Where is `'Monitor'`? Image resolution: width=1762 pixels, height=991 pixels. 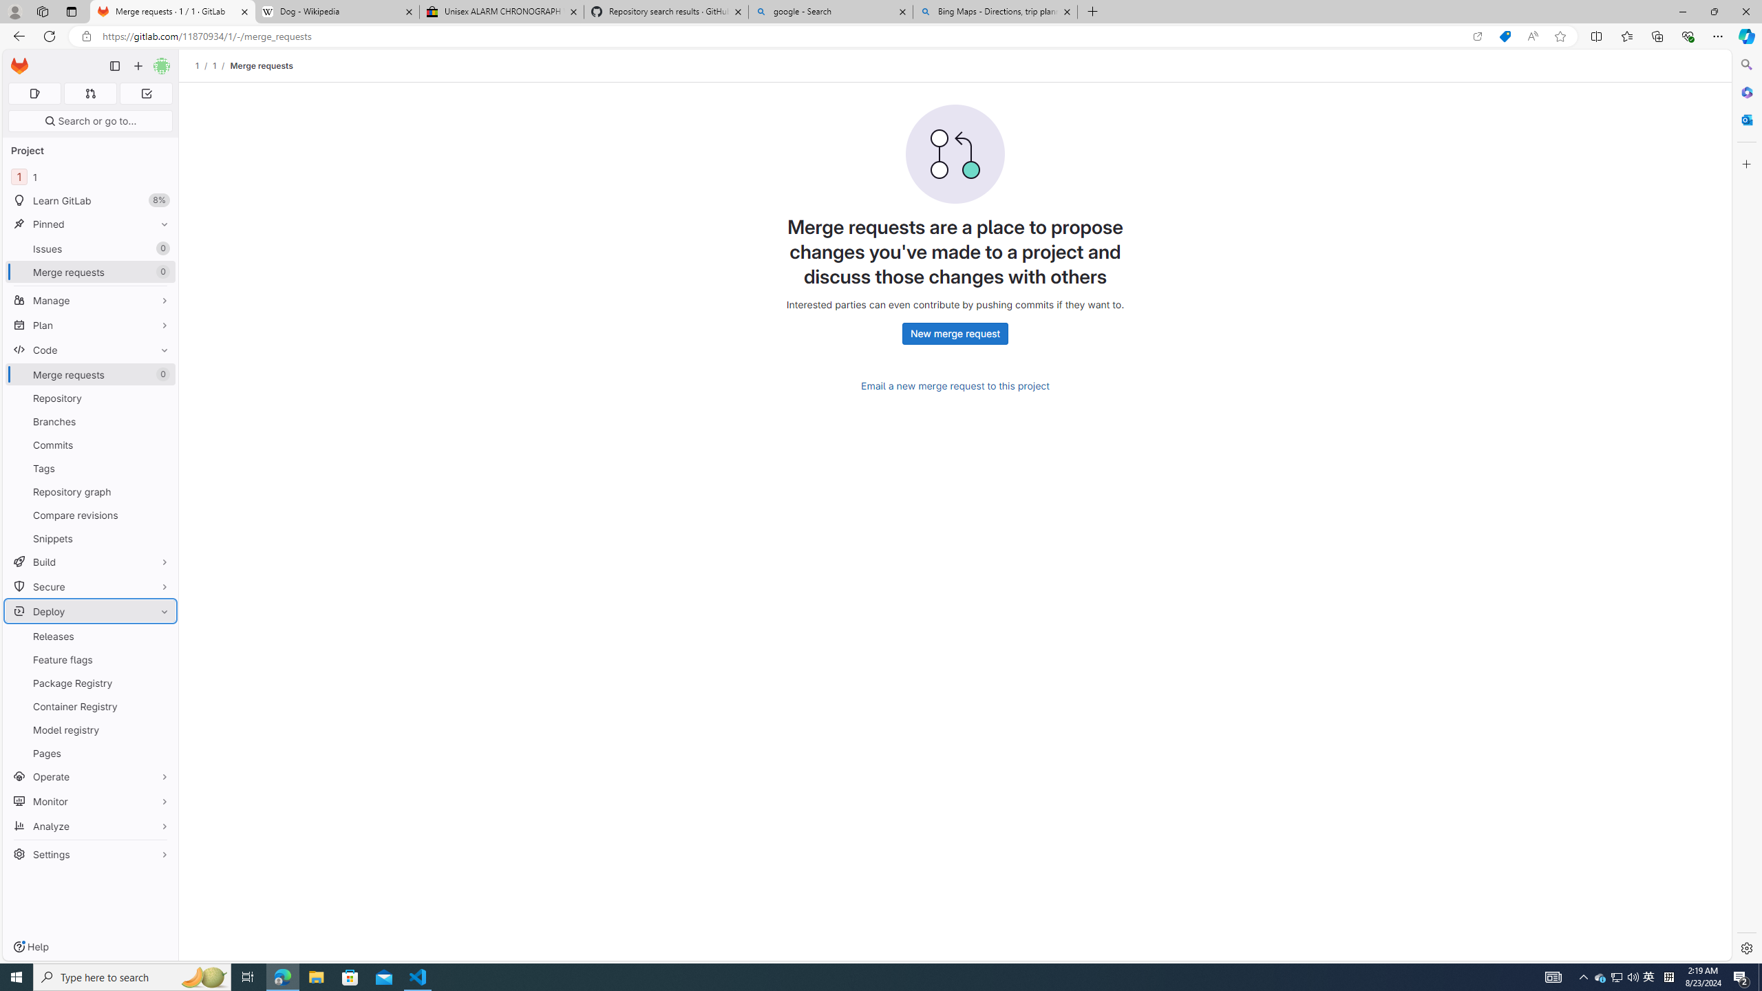
'Monitor' is located at coordinates (89, 801).